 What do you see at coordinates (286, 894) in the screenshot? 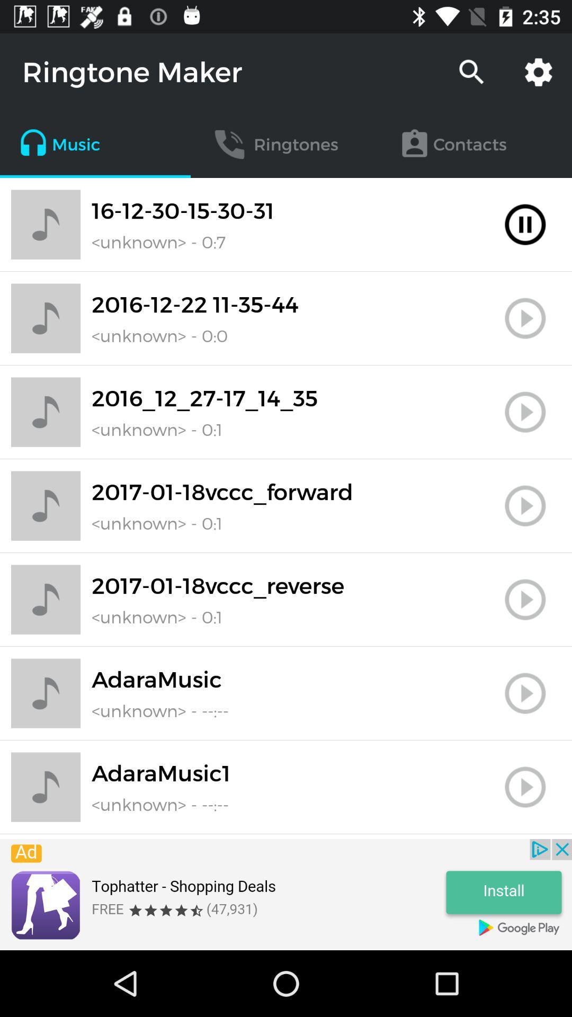
I see `click for advertisement` at bounding box center [286, 894].